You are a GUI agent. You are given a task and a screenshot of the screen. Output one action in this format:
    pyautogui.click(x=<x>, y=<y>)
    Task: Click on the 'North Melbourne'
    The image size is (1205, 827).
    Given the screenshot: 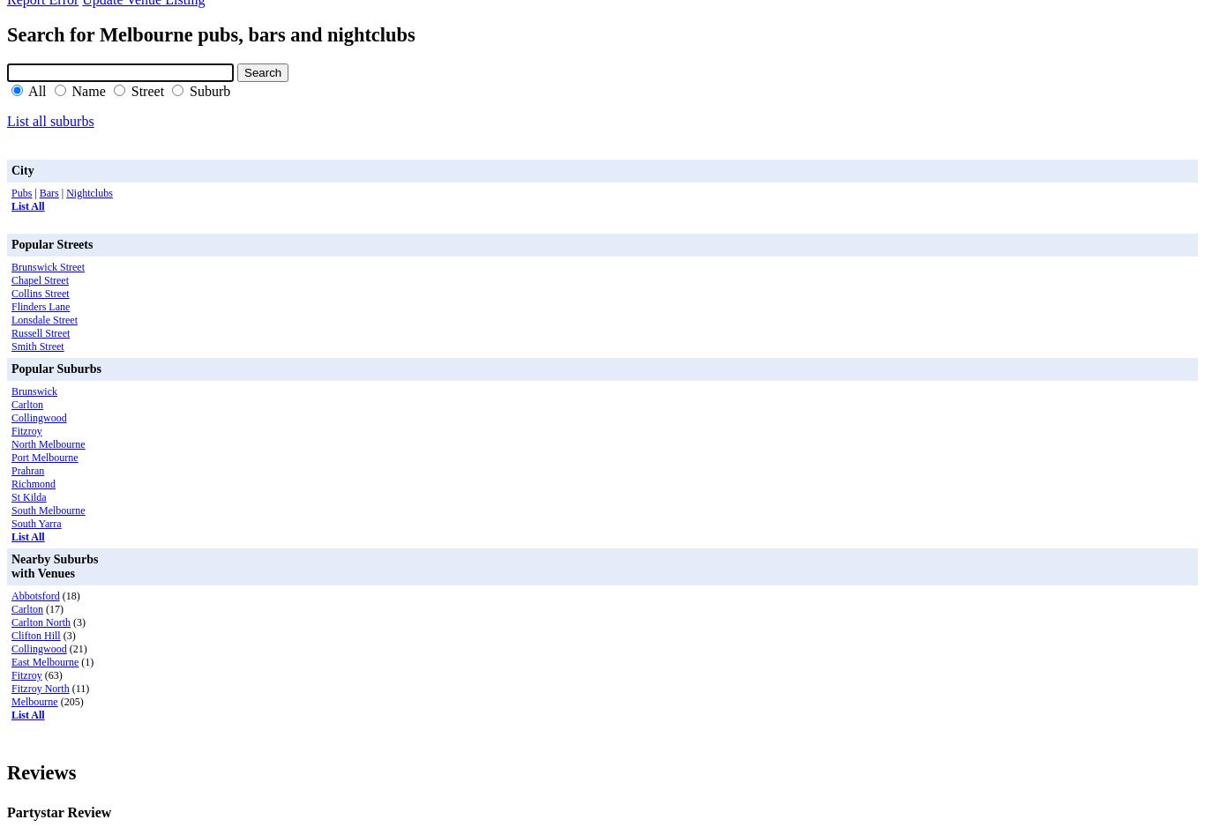 What is the action you would take?
    pyautogui.click(x=48, y=443)
    